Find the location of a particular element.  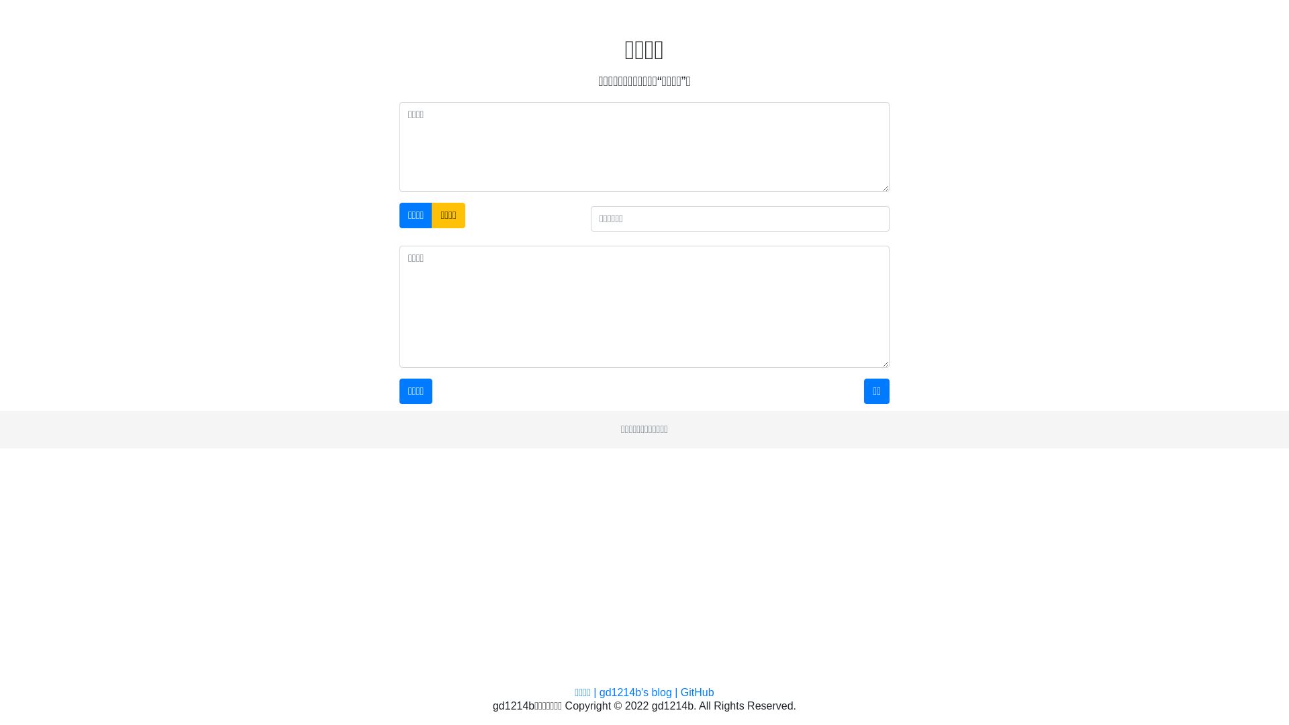

'gd1214b's blog |' is located at coordinates (639, 692).